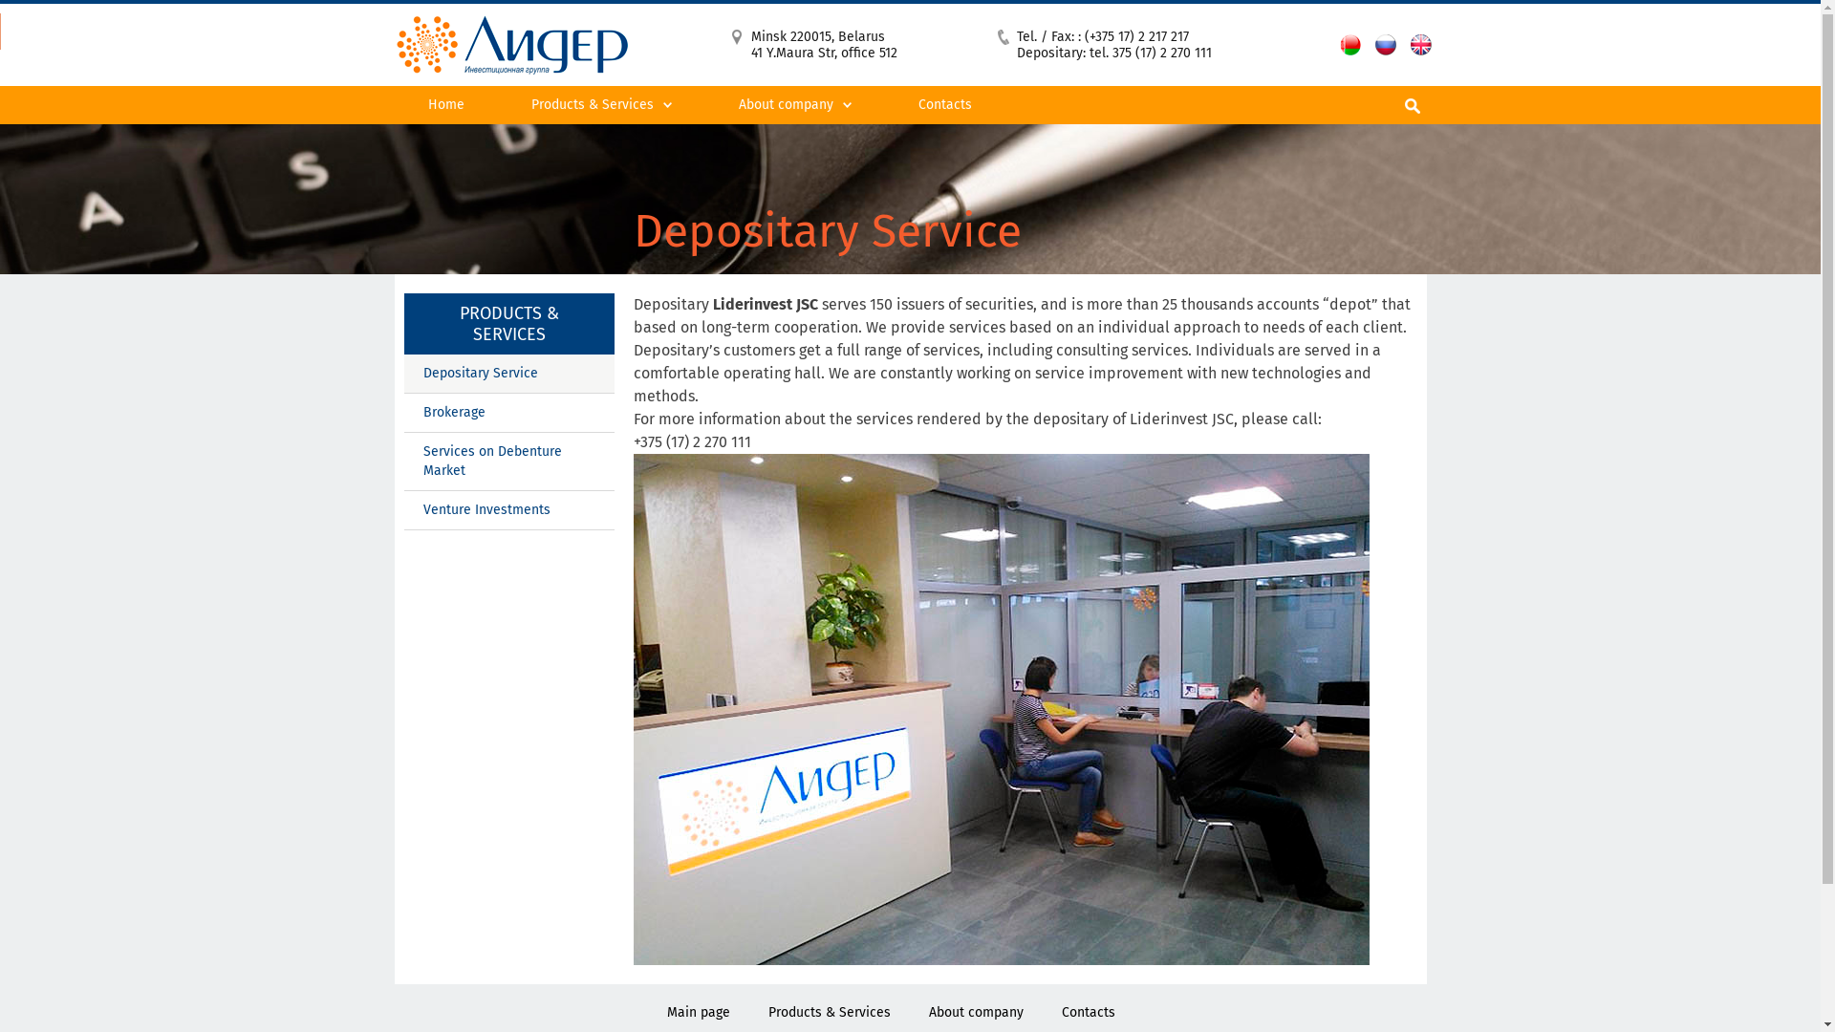 This screenshot has width=1835, height=1032. What do you see at coordinates (402, 509) in the screenshot?
I see `'Venture Investments'` at bounding box center [402, 509].